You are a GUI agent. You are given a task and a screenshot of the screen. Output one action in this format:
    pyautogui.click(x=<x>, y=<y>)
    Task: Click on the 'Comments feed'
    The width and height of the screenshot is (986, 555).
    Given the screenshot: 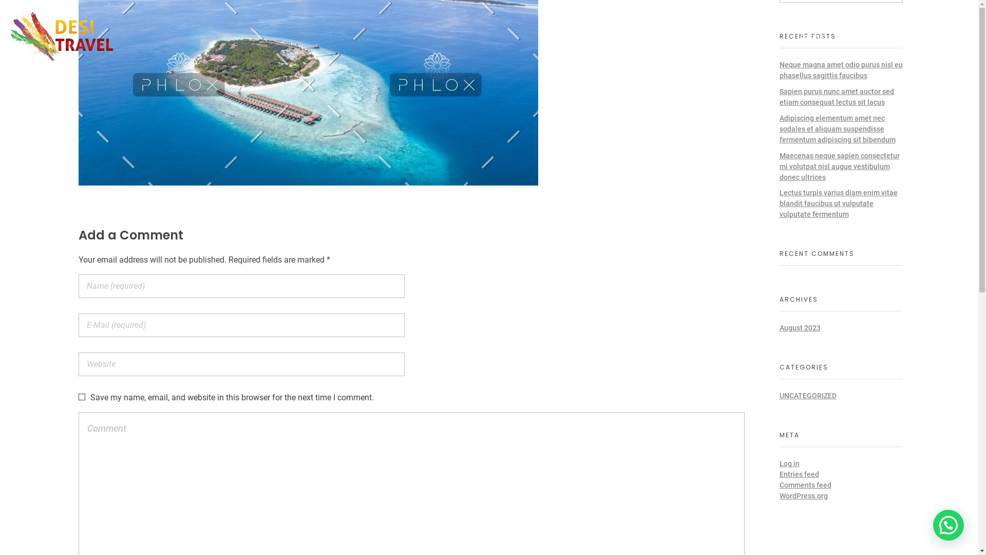 What is the action you would take?
    pyautogui.click(x=805, y=485)
    